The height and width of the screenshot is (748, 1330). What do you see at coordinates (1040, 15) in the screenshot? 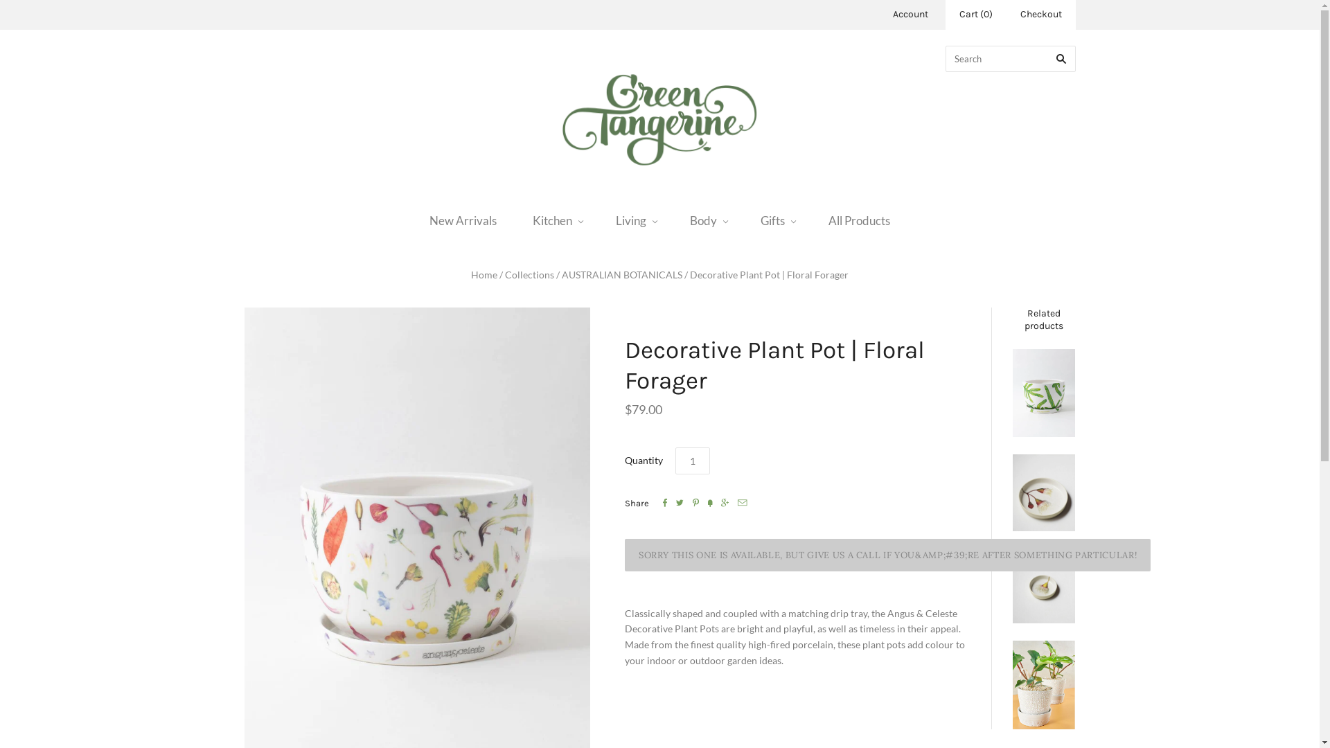
I see `'Checkout'` at bounding box center [1040, 15].